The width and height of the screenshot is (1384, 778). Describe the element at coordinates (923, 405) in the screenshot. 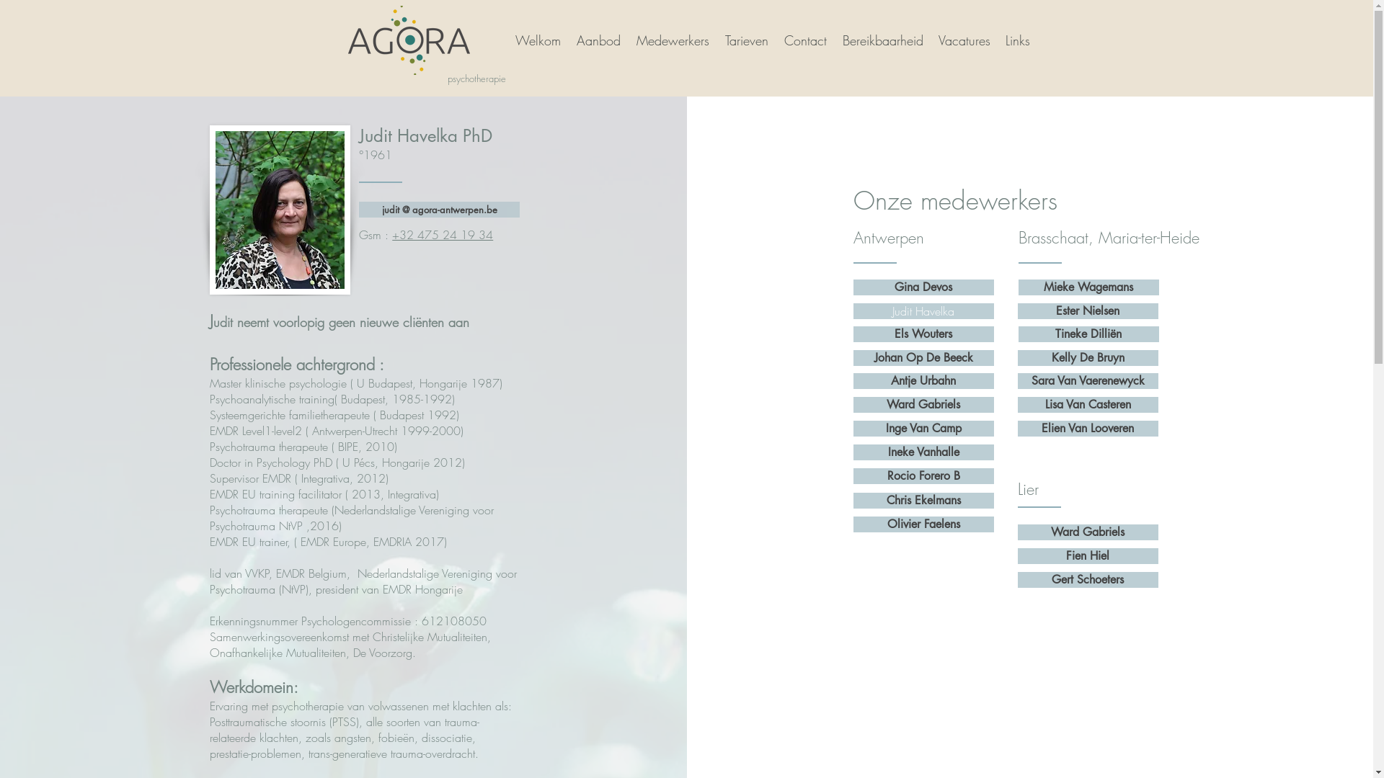

I see `'Ward Gabriels'` at that location.